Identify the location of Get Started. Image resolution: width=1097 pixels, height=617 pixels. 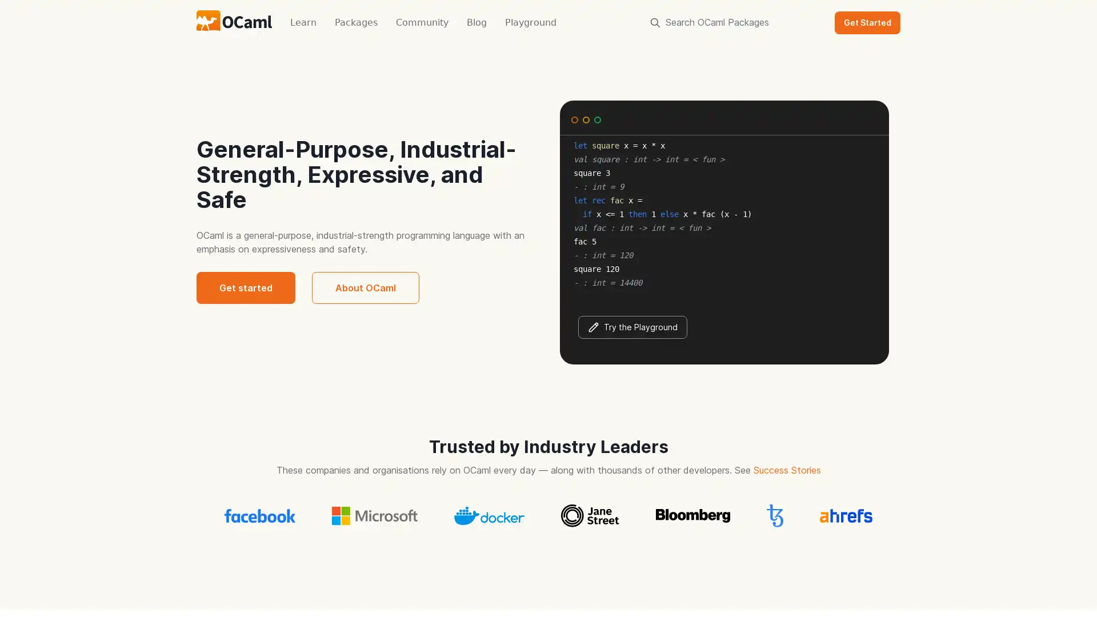
(867, 22).